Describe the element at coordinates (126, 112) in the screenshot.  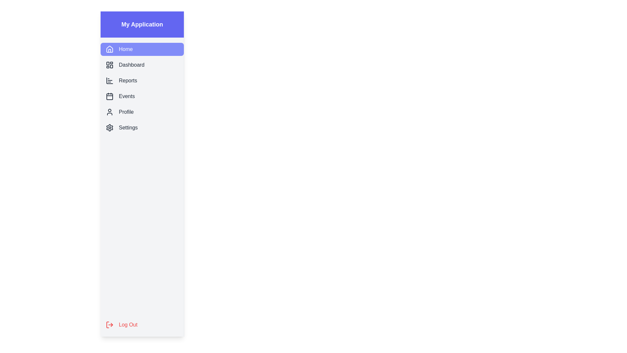
I see `the 'Profile' label in the vertical navigation menu` at that location.